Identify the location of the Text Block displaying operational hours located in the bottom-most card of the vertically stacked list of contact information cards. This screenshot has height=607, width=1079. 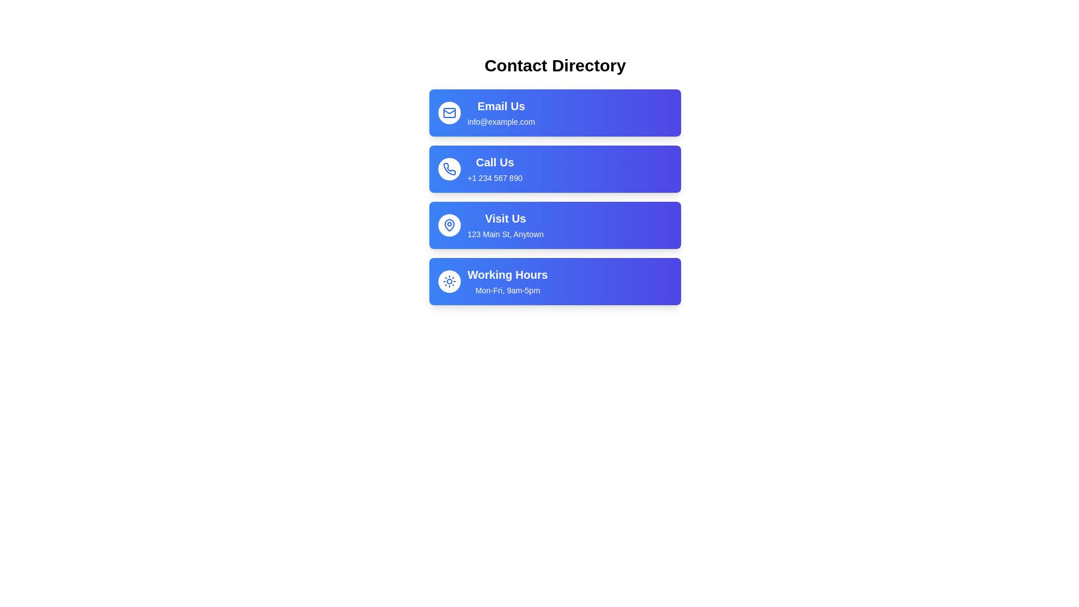
(507, 281).